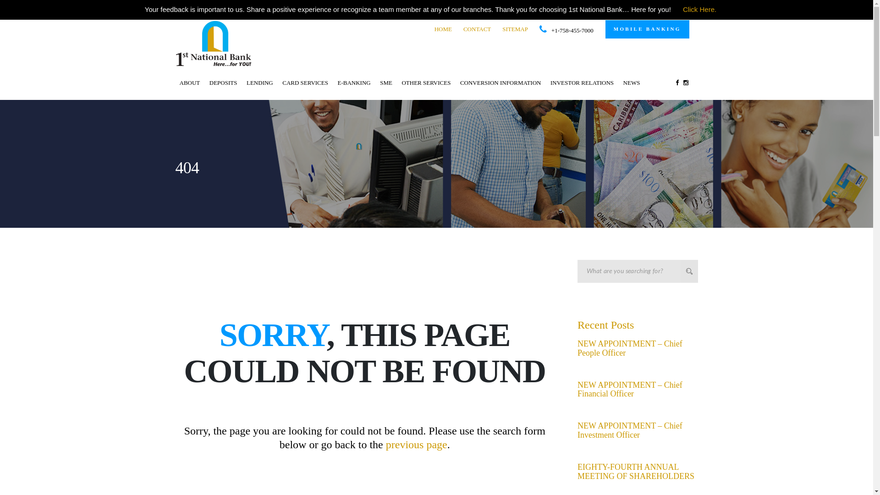 The image size is (880, 495). Describe the element at coordinates (425, 82) in the screenshot. I see `'OTHER SERVICES'` at that location.